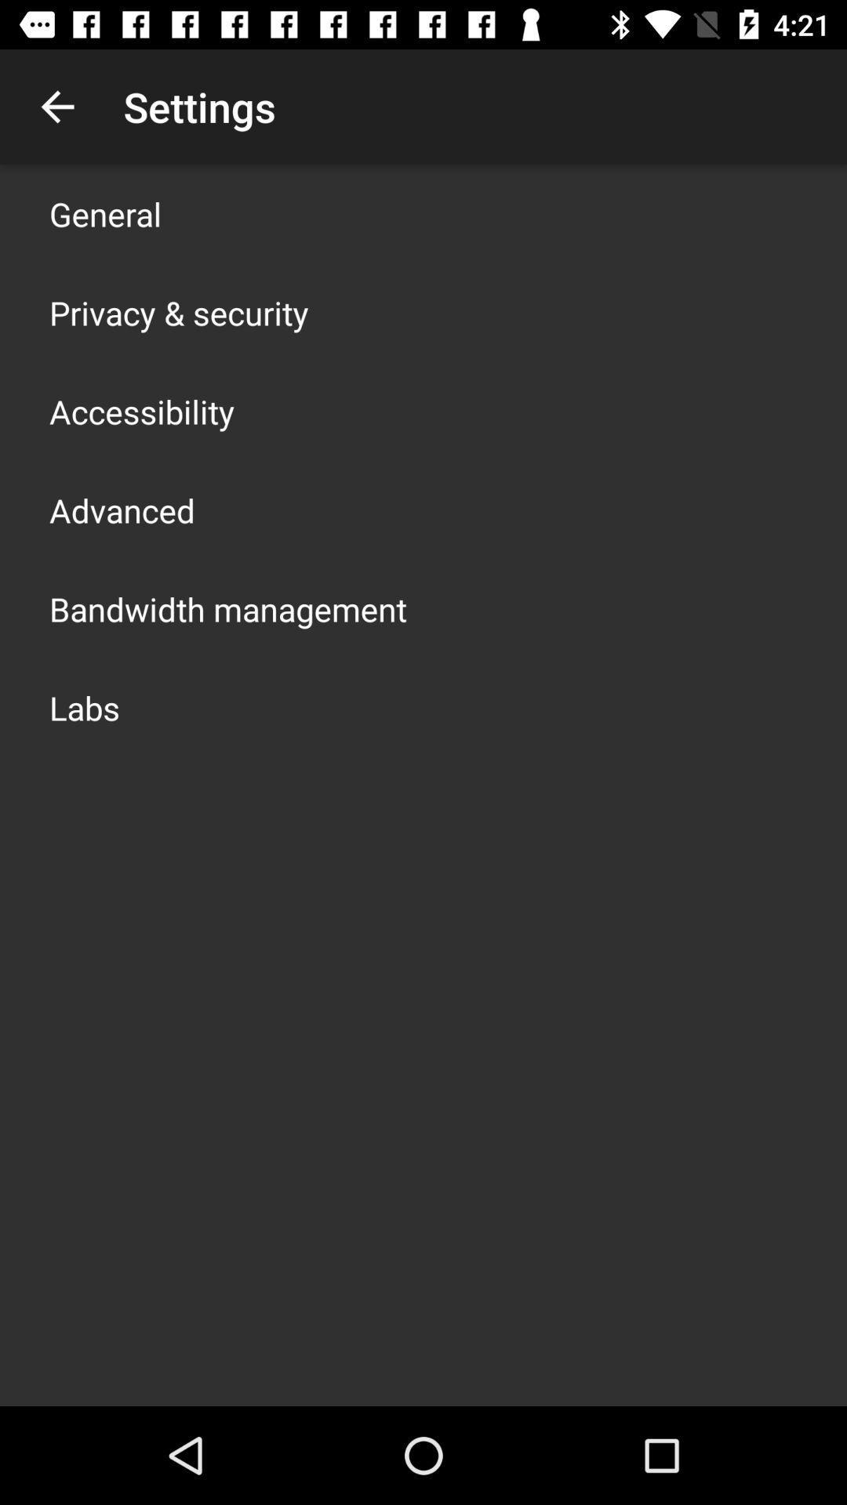 This screenshot has height=1505, width=847. Describe the element at coordinates (178, 312) in the screenshot. I see `the item below the general app` at that location.